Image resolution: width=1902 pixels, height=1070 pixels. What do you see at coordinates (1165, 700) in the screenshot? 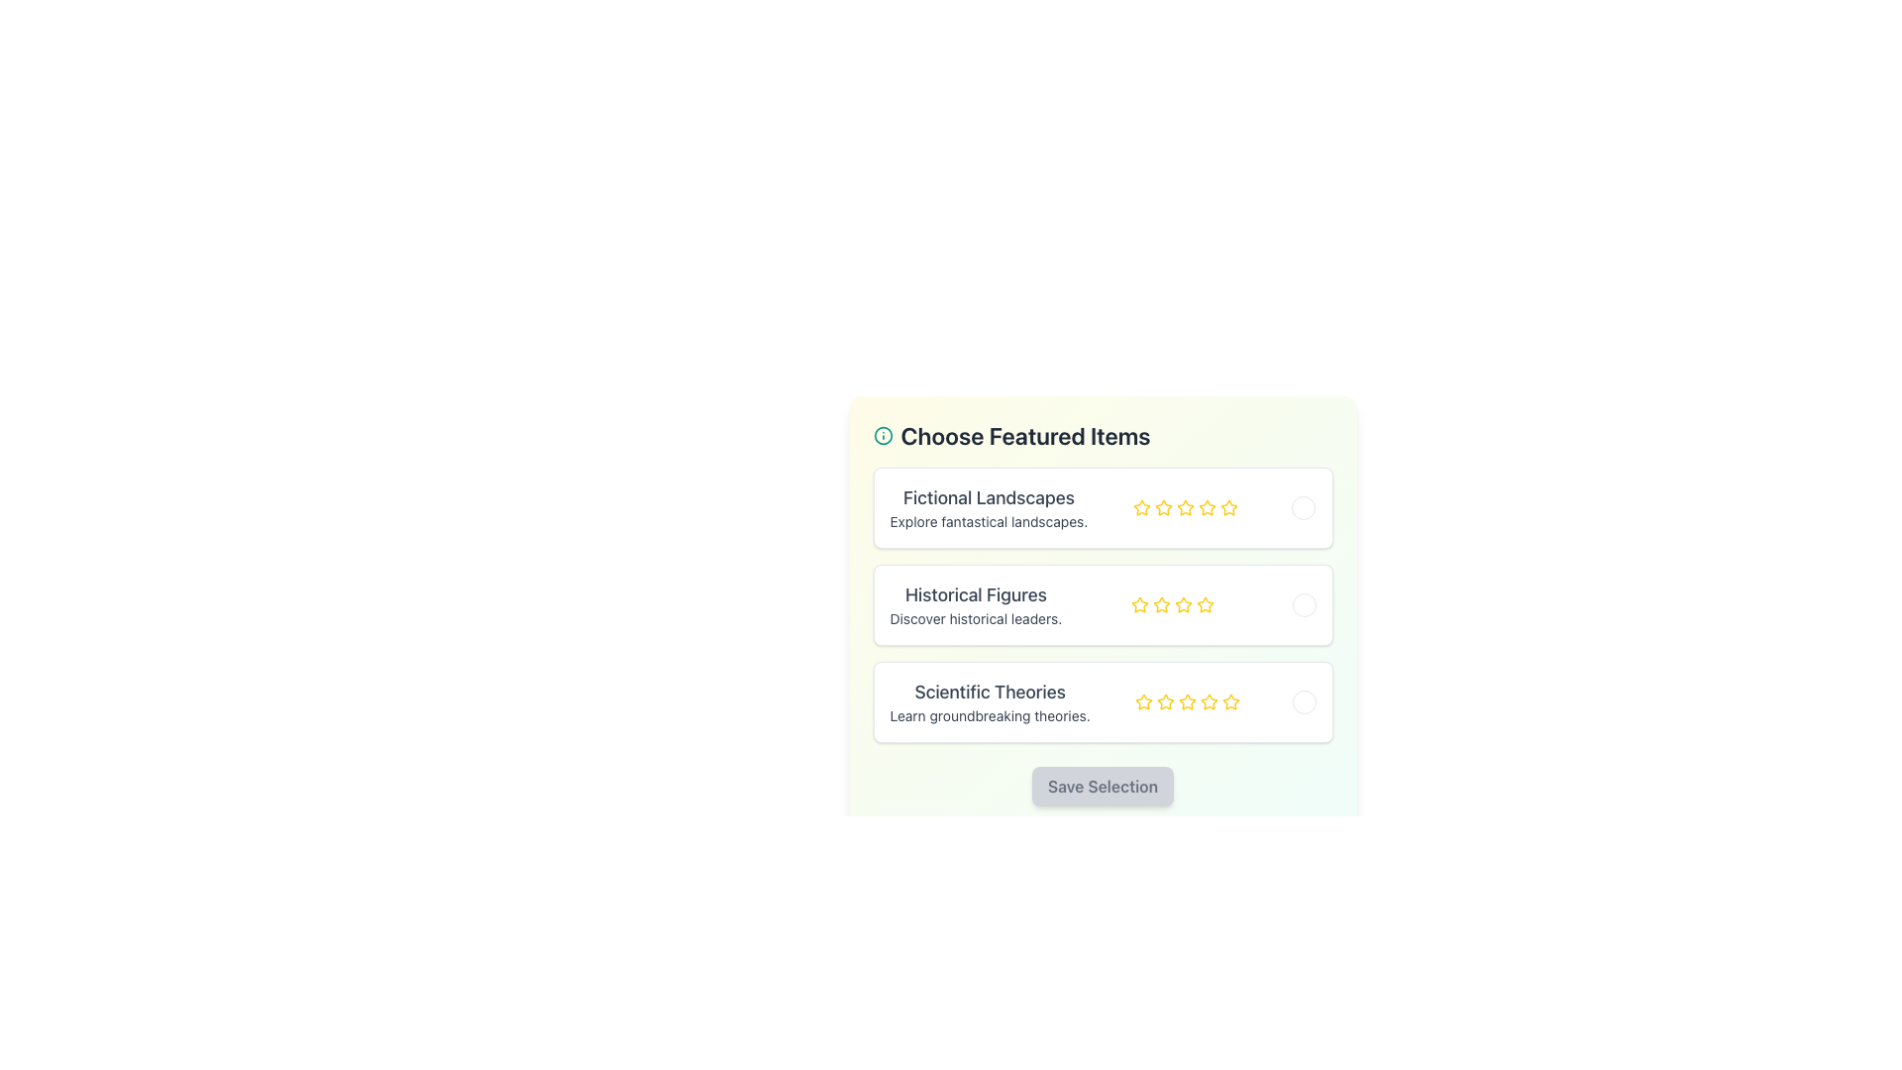
I see `the second star in the 5-star rating control under the 'Scientific Theories' section to rate it` at bounding box center [1165, 700].